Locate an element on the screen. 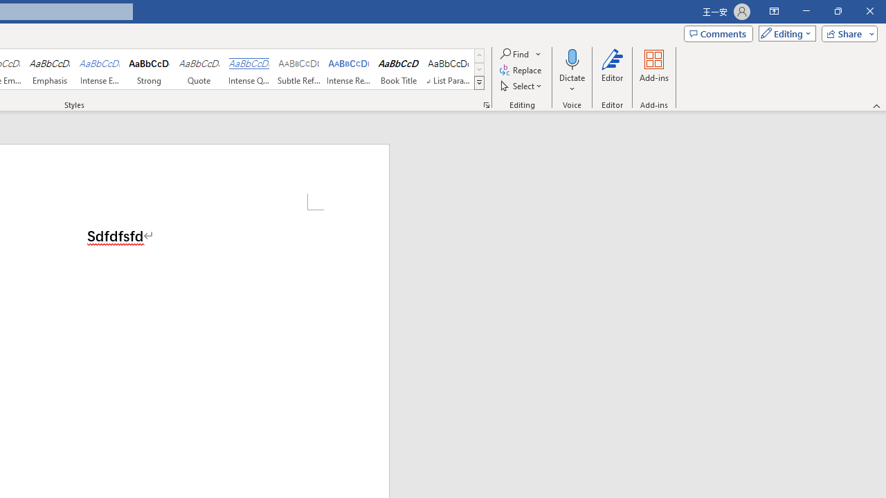 This screenshot has height=498, width=886. 'Emphasis' is located at coordinates (49, 69).